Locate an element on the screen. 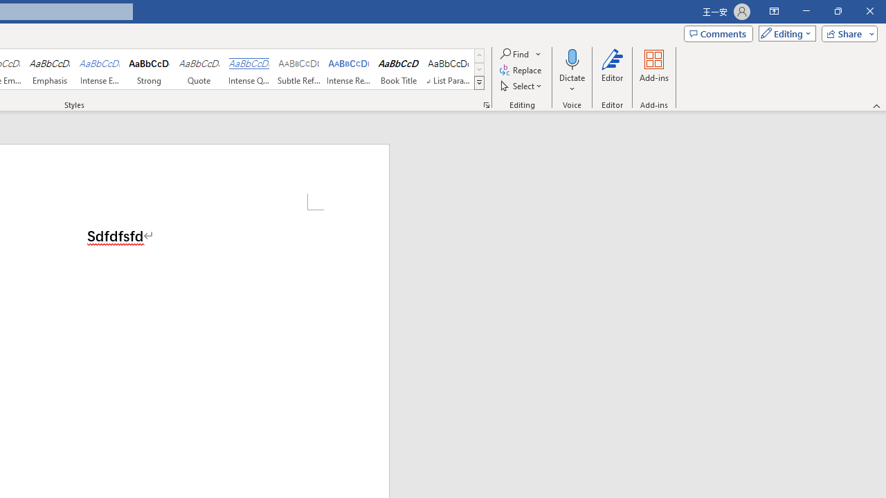 This screenshot has height=498, width=886. 'Emphasis' is located at coordinates (49, 69).